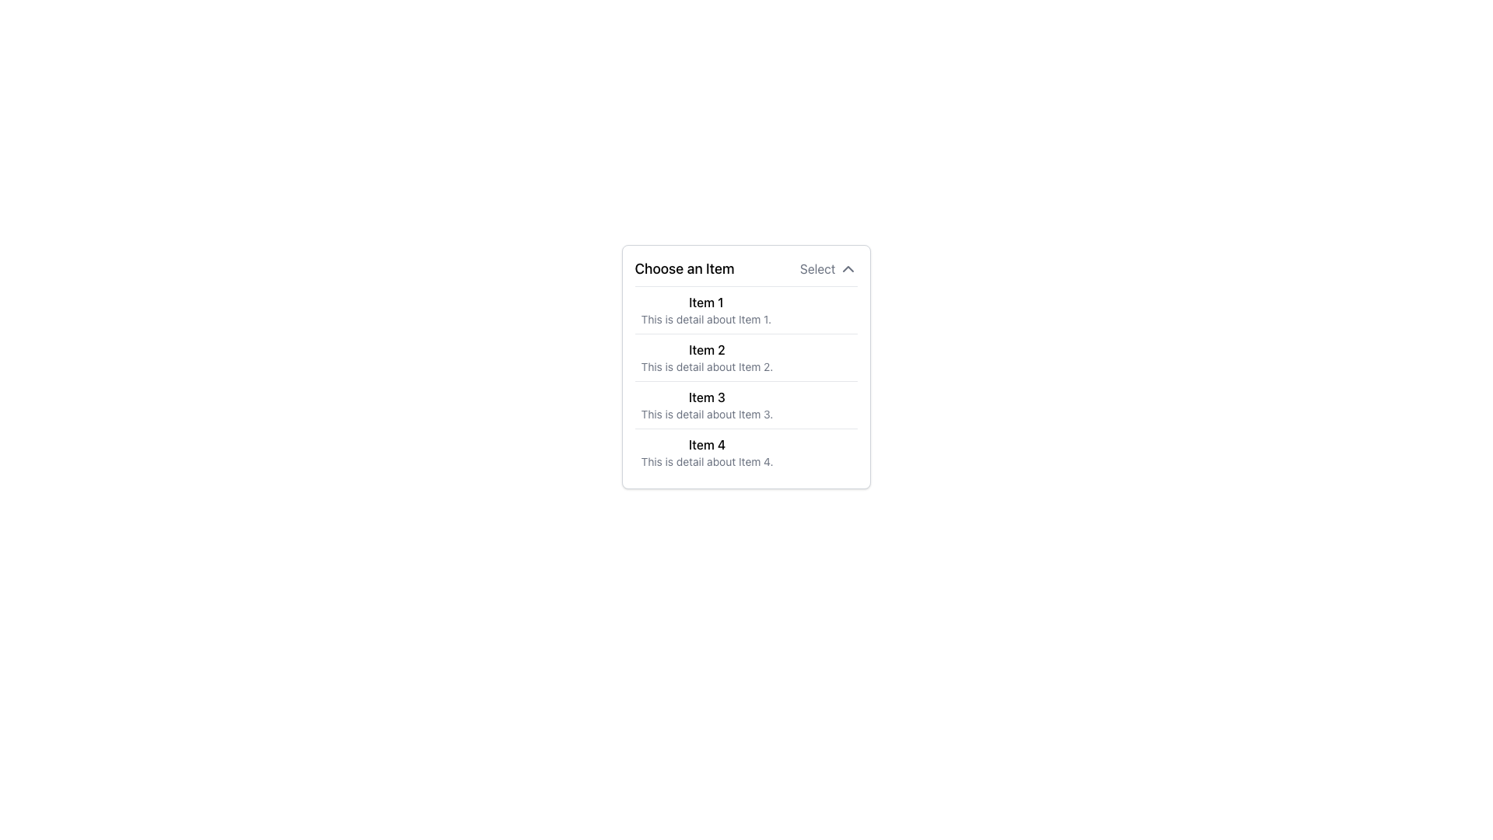 The height and width of the screenshot is (840, 1493). What do you see at coordinates (847, 268) in the screenshot?
I see `the expand/collapse icon located in the top-right corner of the dropdown interface, next to the text 'Select'` at bounding box center [847, 268].